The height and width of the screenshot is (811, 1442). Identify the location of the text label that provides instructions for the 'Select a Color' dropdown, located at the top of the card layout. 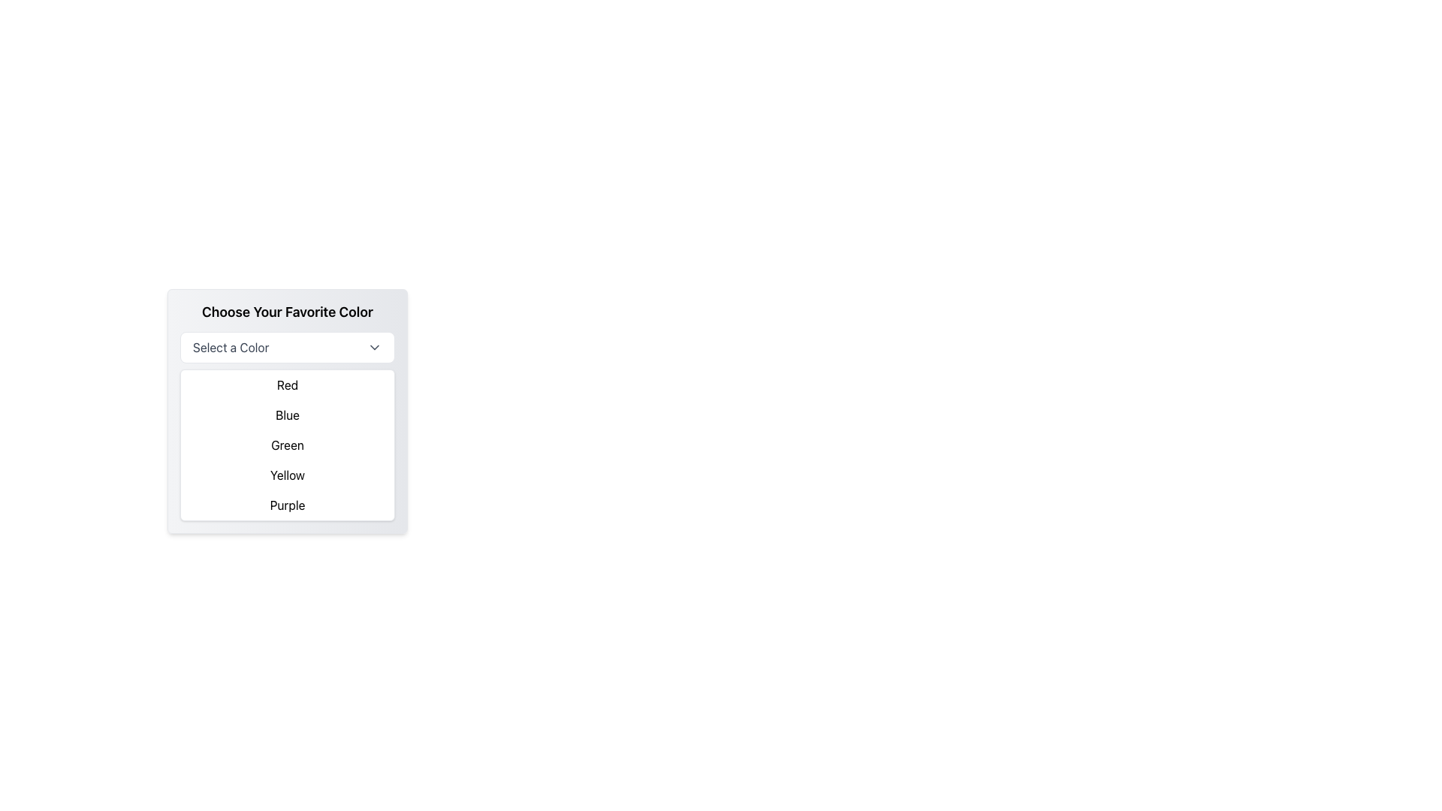
(288, 312).